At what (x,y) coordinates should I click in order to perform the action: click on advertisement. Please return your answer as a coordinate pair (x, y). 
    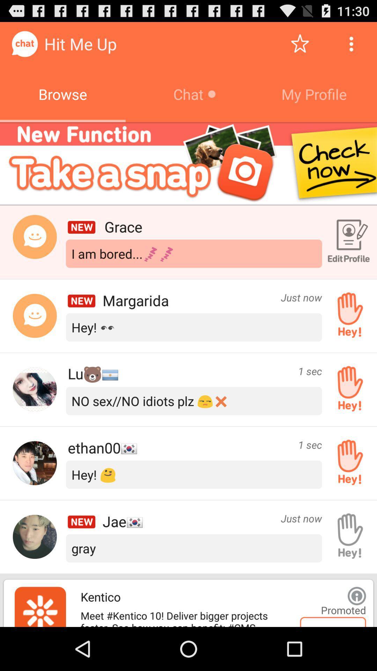
    Looking at the image, I should click on (357, 596).